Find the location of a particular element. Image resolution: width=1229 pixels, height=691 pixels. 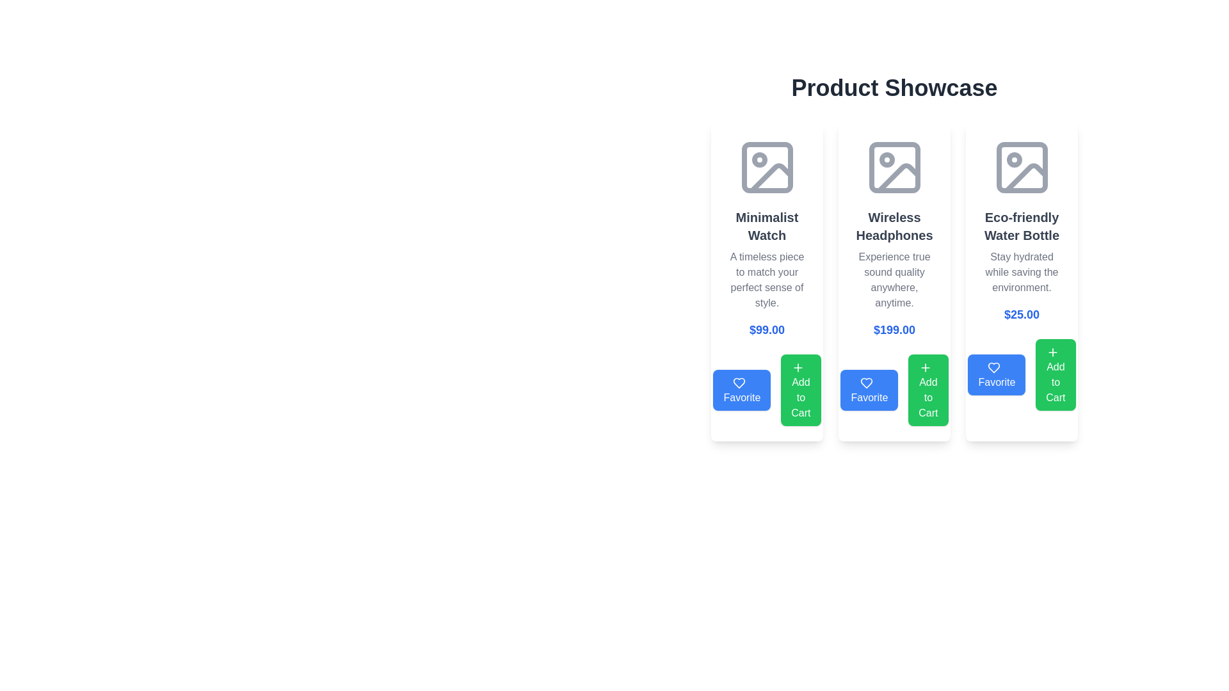

the triangular-shaped light gray line graphic that is part of the photo frame icon located at the bottom-right corner of the Eco-friendly Water Bottle card is located at coordinates (1025, 178).